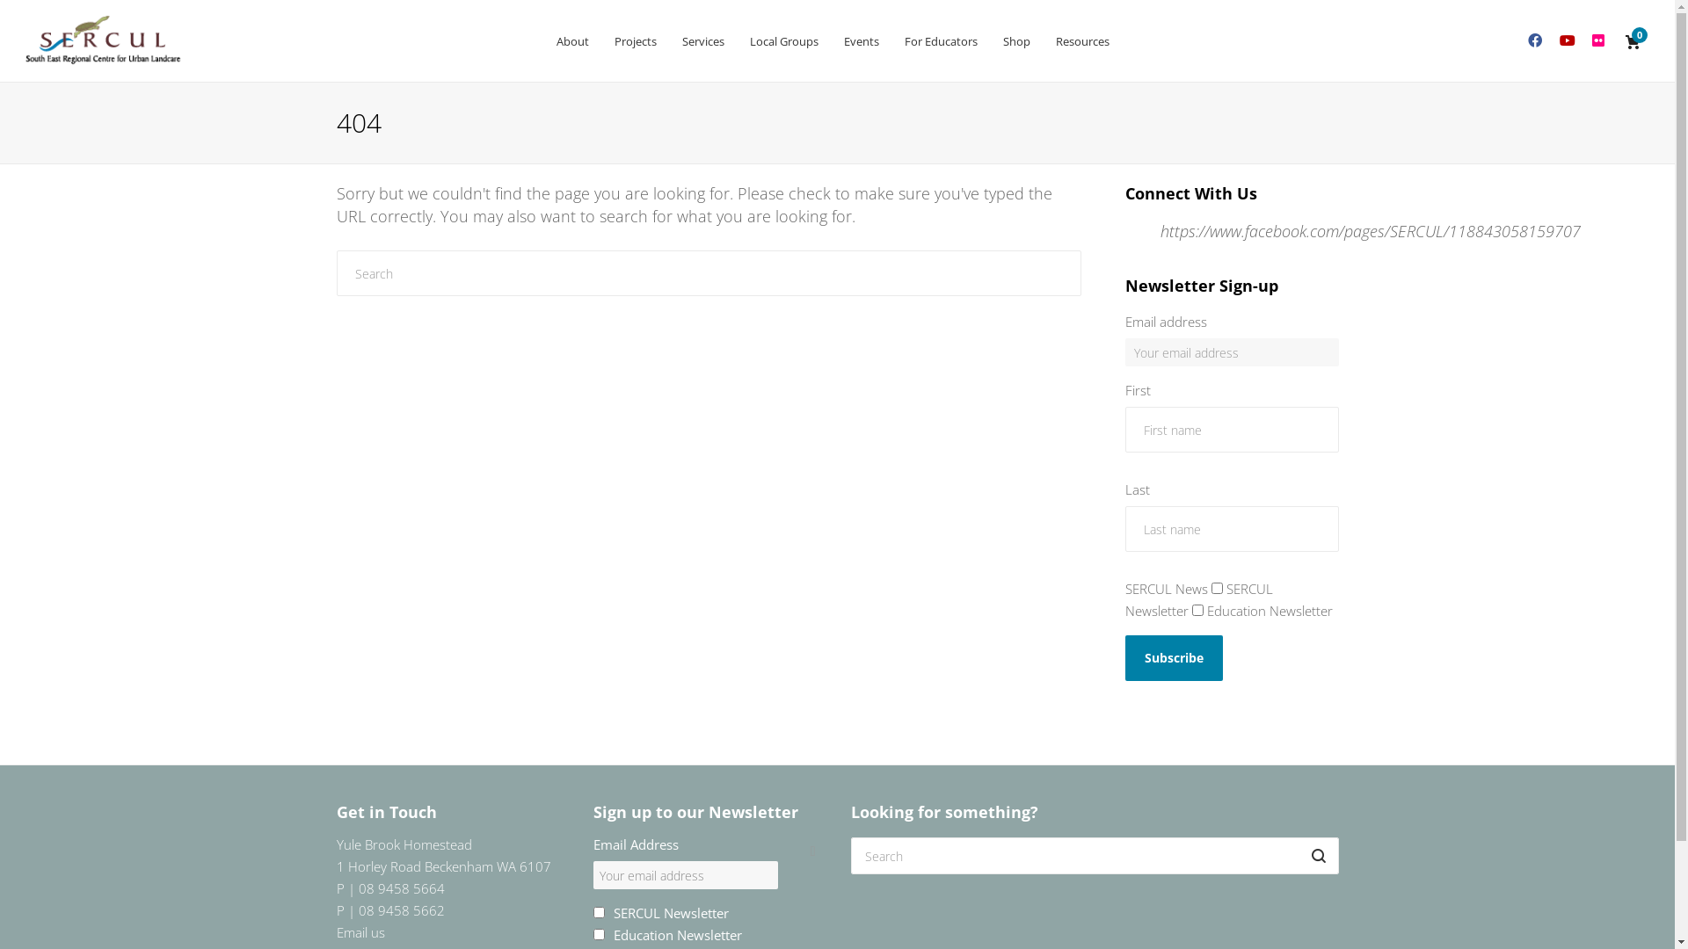 The height and width of the screenshot is (949, 1688). What do you see at coordinates (1016, 40) in the screenshot?
I see `'Shop'` at bounding box center [1016, 40].